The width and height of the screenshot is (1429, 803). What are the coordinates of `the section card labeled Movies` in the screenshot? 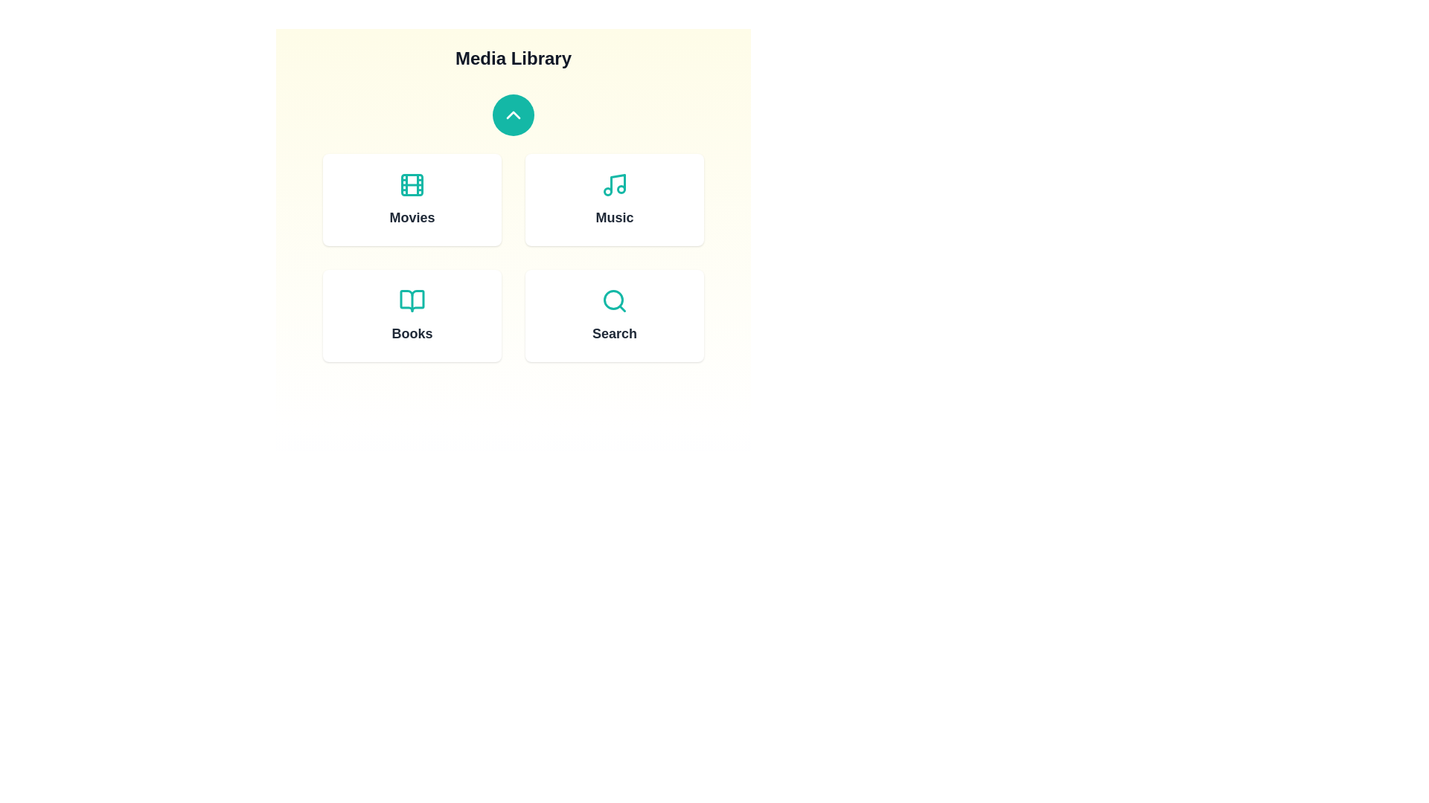 It's located at (412, 199).